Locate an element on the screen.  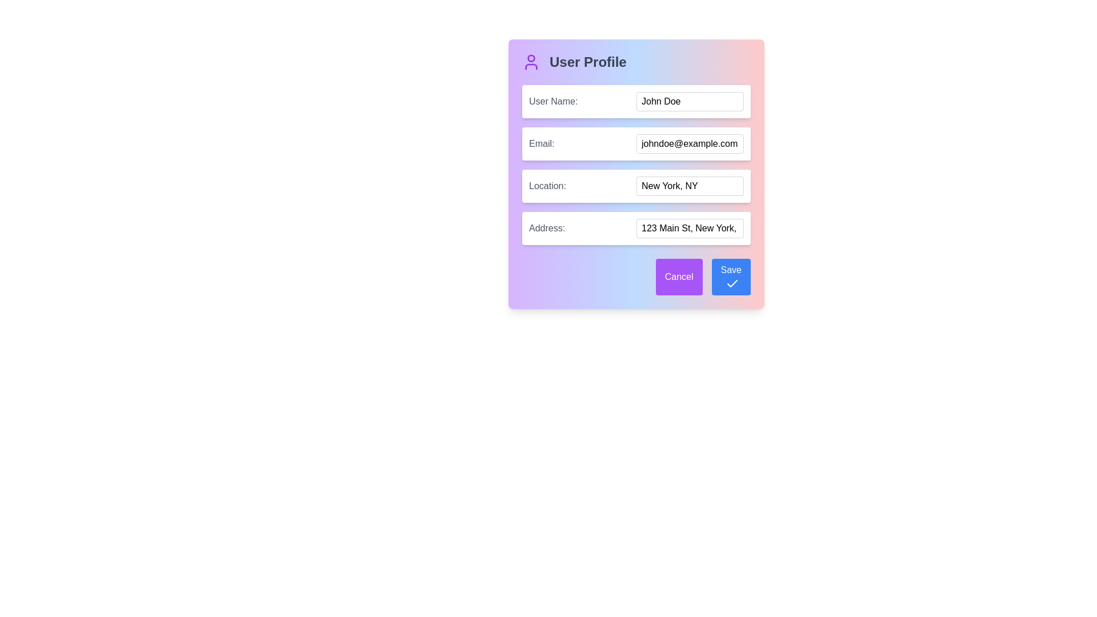
the cancel button located in the bottom section of a card-like interface is located at coordinates (679, 277).